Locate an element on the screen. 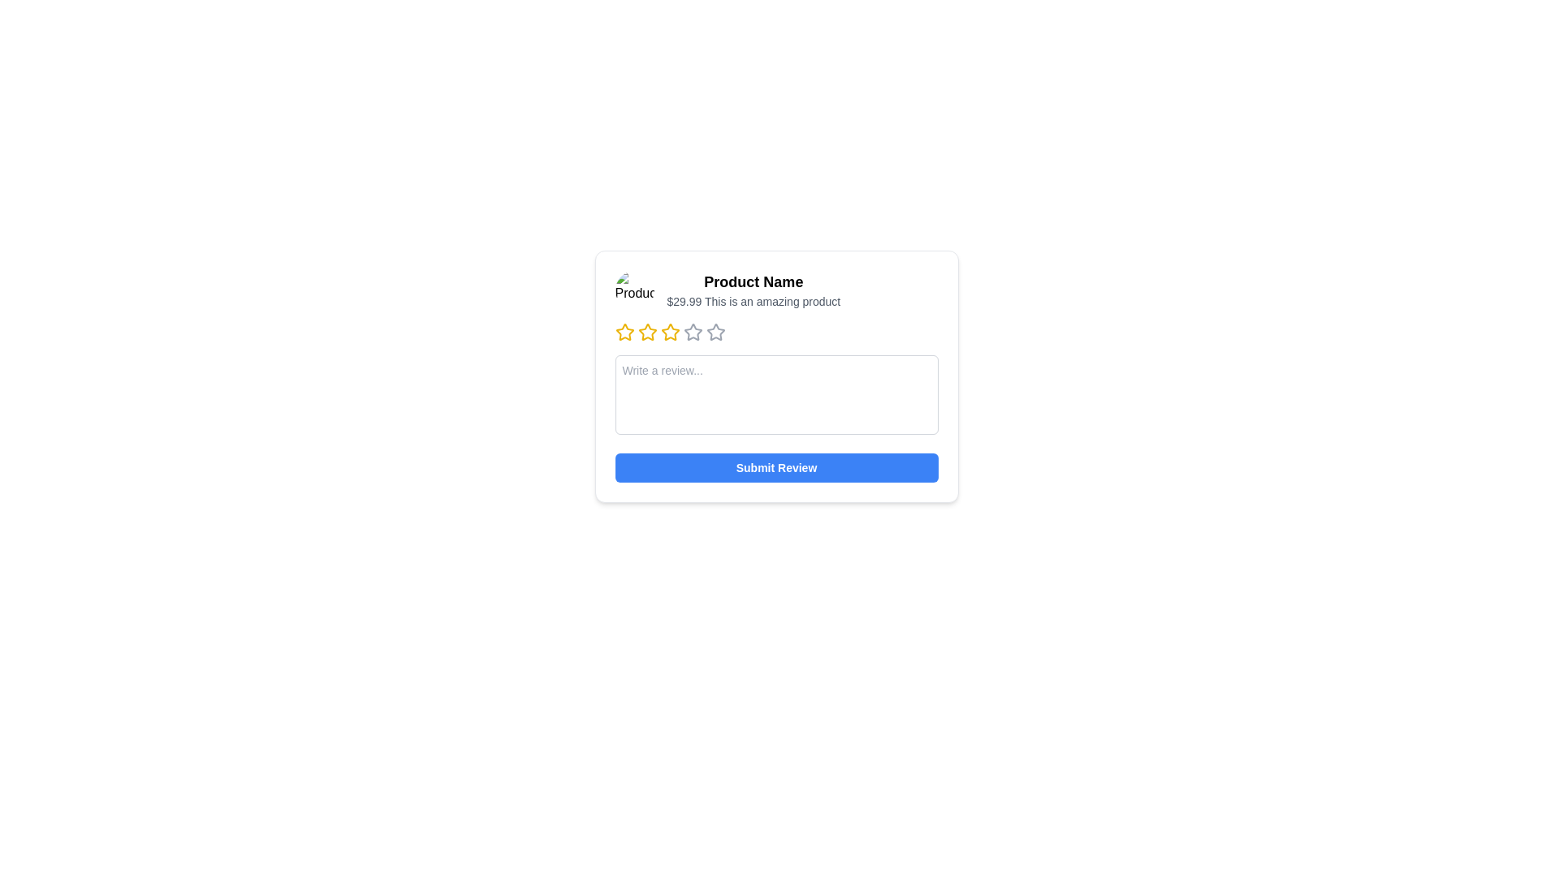 This screenshot has height=876, width=1559. the second star icon in the horizontal row of five stars to rate the product is located at coordinates (670, 331).